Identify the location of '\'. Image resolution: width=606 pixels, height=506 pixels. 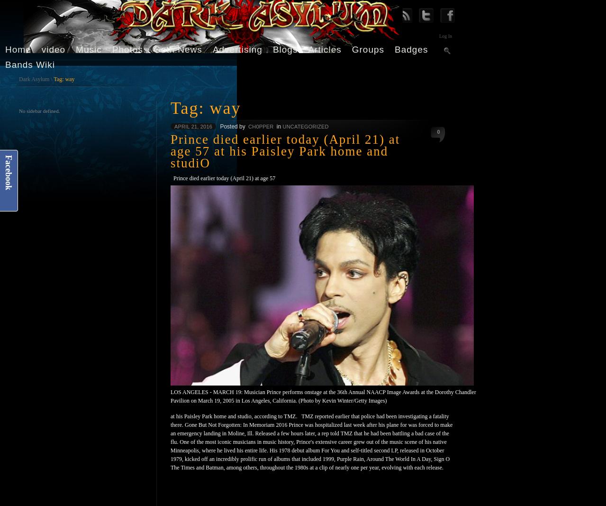
(51, 78).